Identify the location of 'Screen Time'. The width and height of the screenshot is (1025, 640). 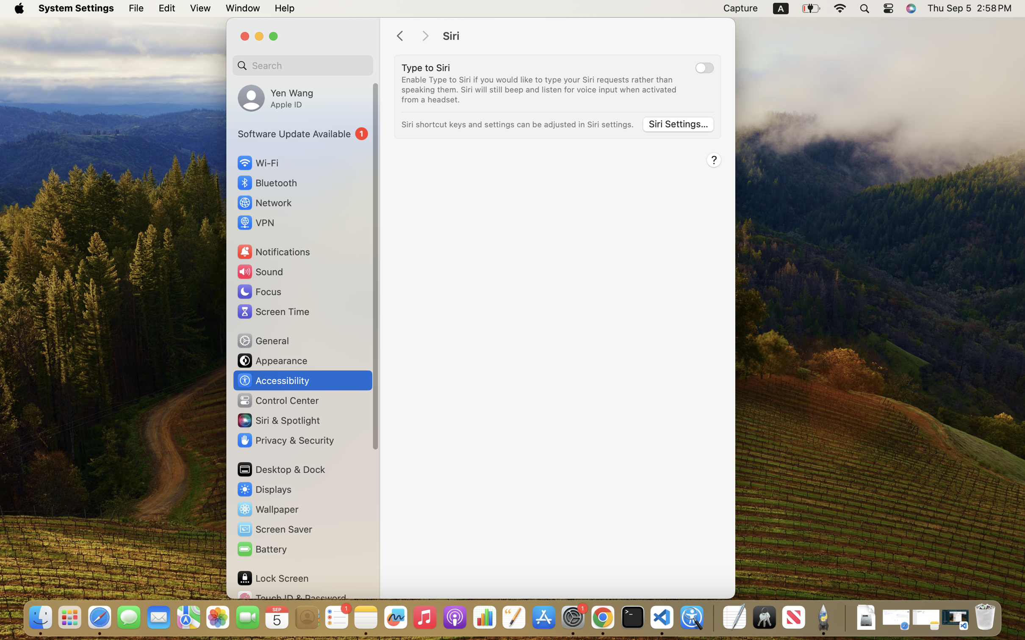
(273, 311).